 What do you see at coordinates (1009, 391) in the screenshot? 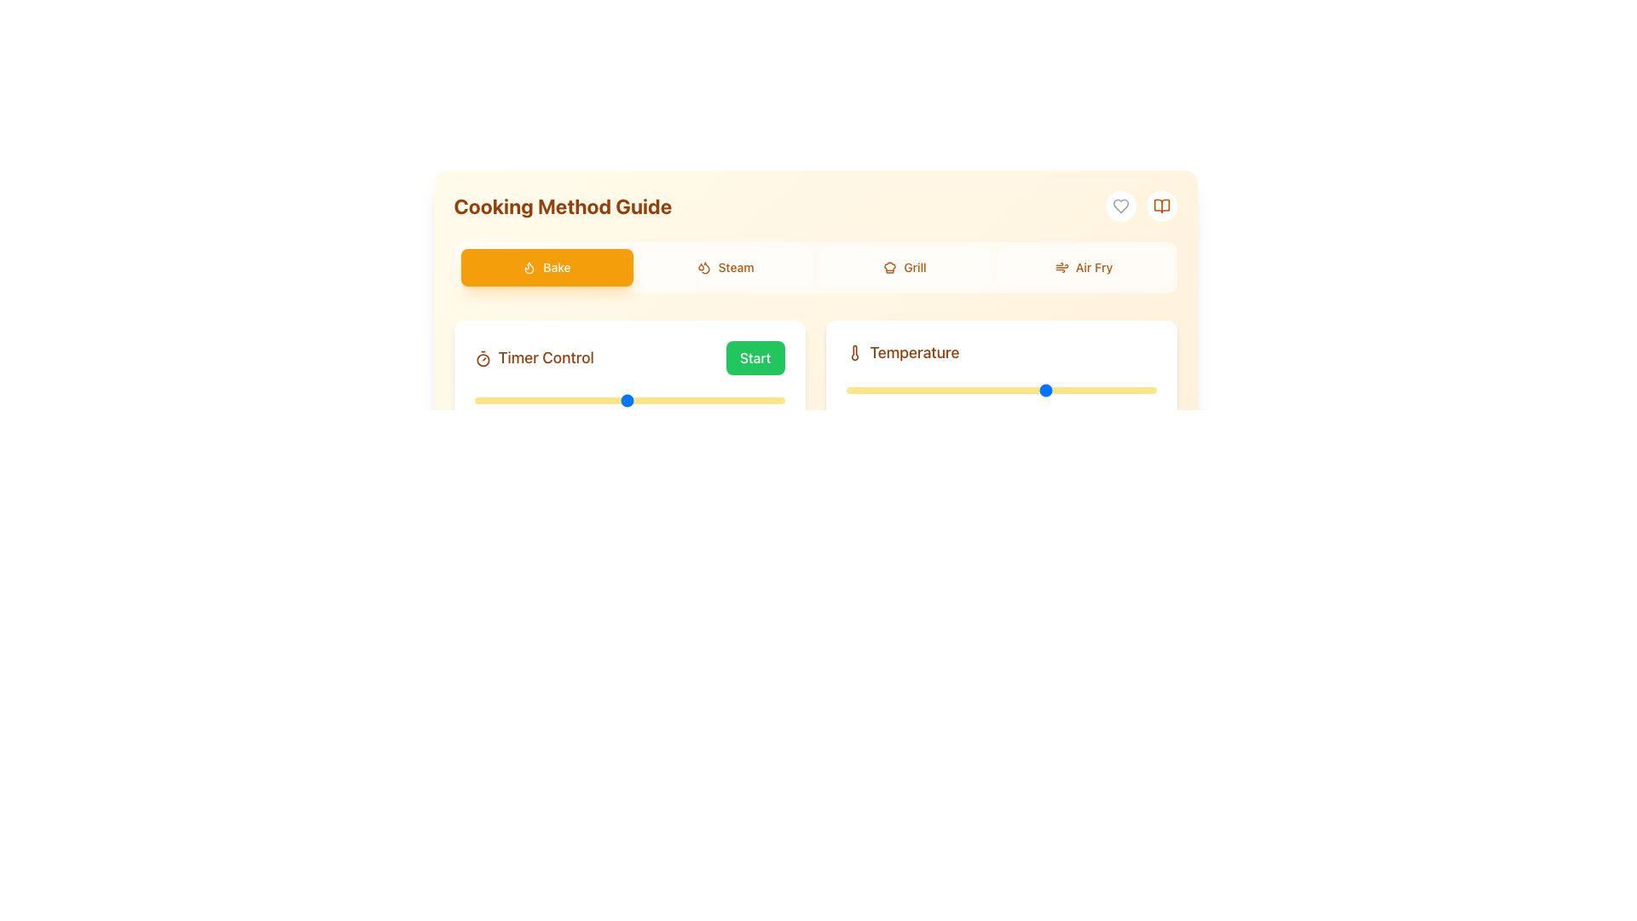
I see `the slider` at bounding box center [1009, 391].